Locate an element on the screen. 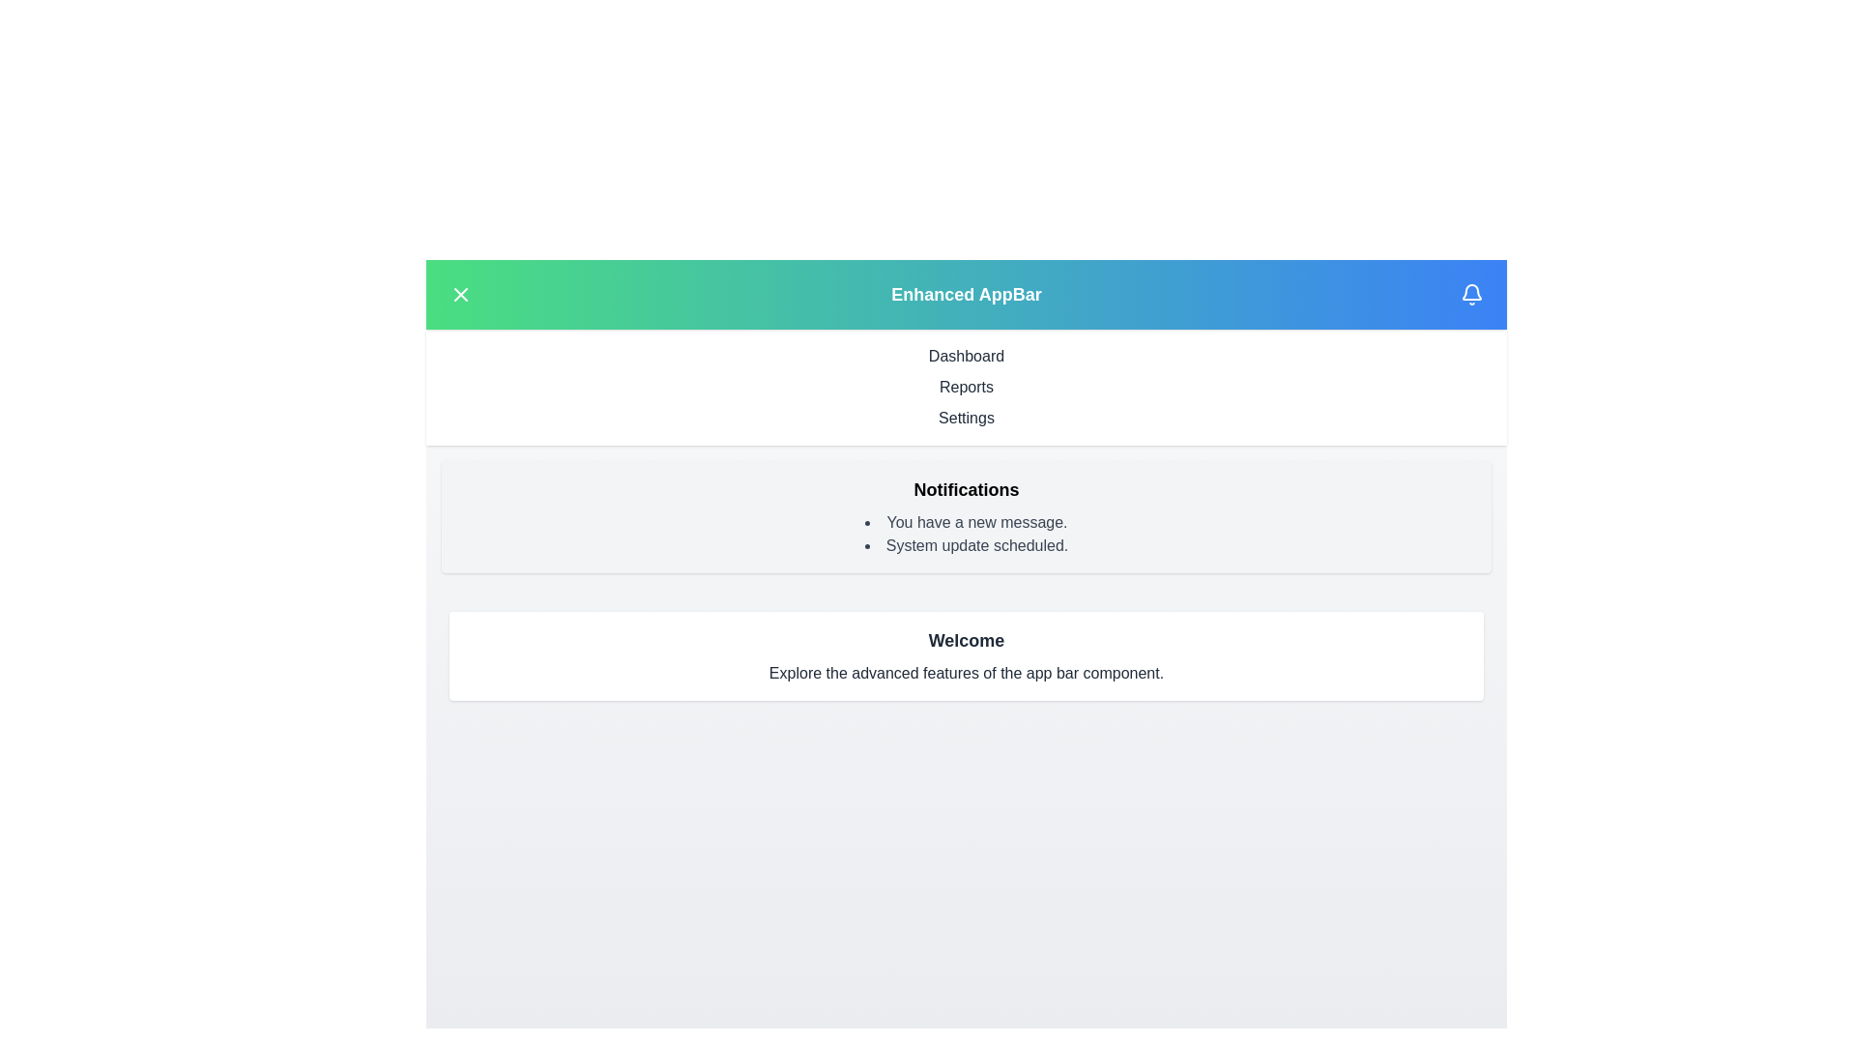 This screenshot has height=1044, width=1856. button to toggle the sidebar menu visibility is located at coordinates (459, 294).